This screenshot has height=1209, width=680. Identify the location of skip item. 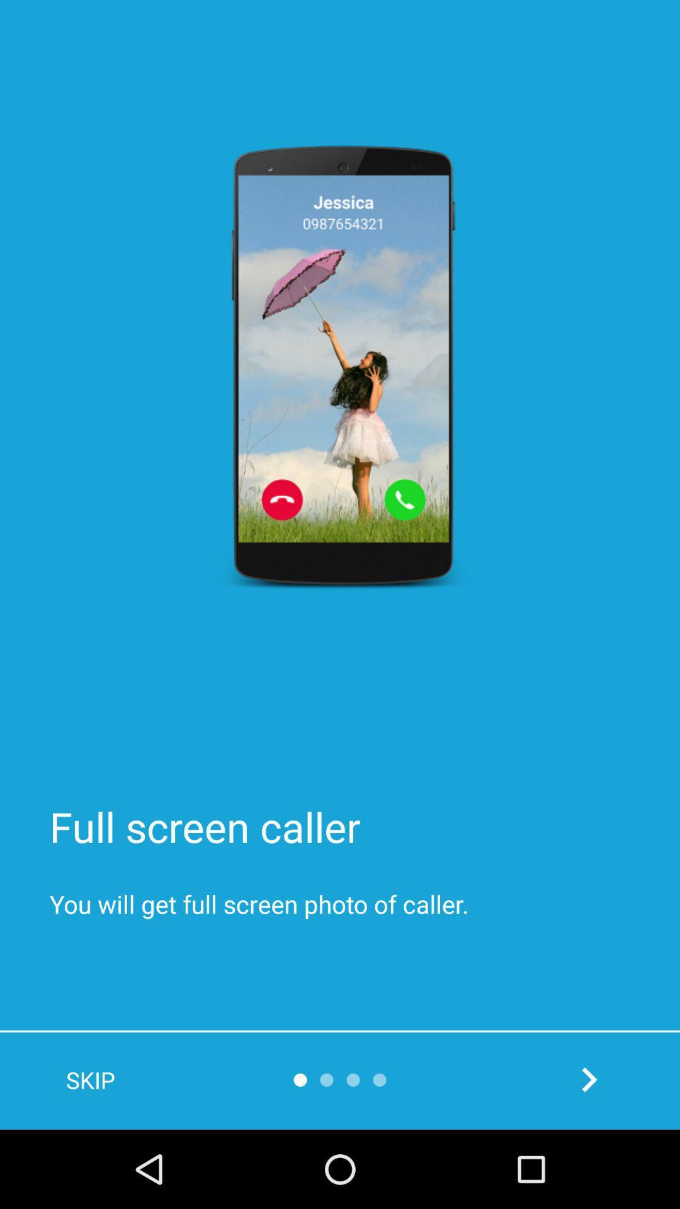
(89, 1079).